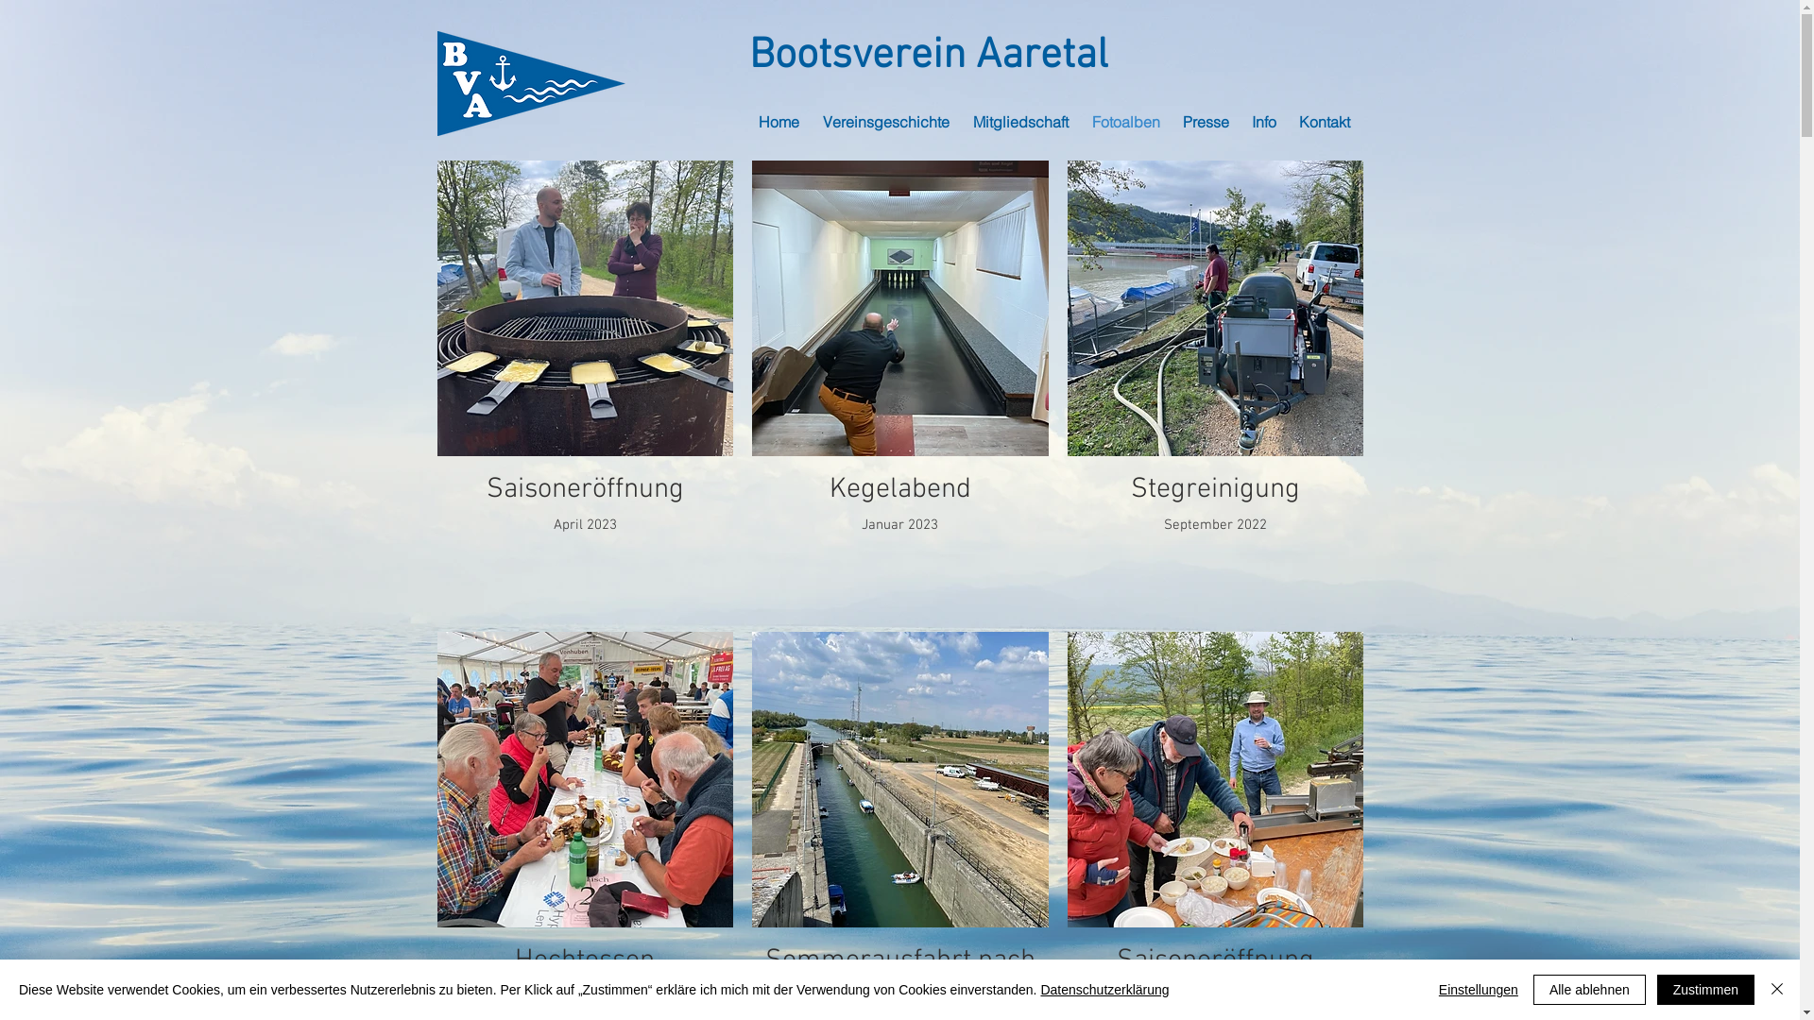  I want to click on 'Info', so click(1265, 121).